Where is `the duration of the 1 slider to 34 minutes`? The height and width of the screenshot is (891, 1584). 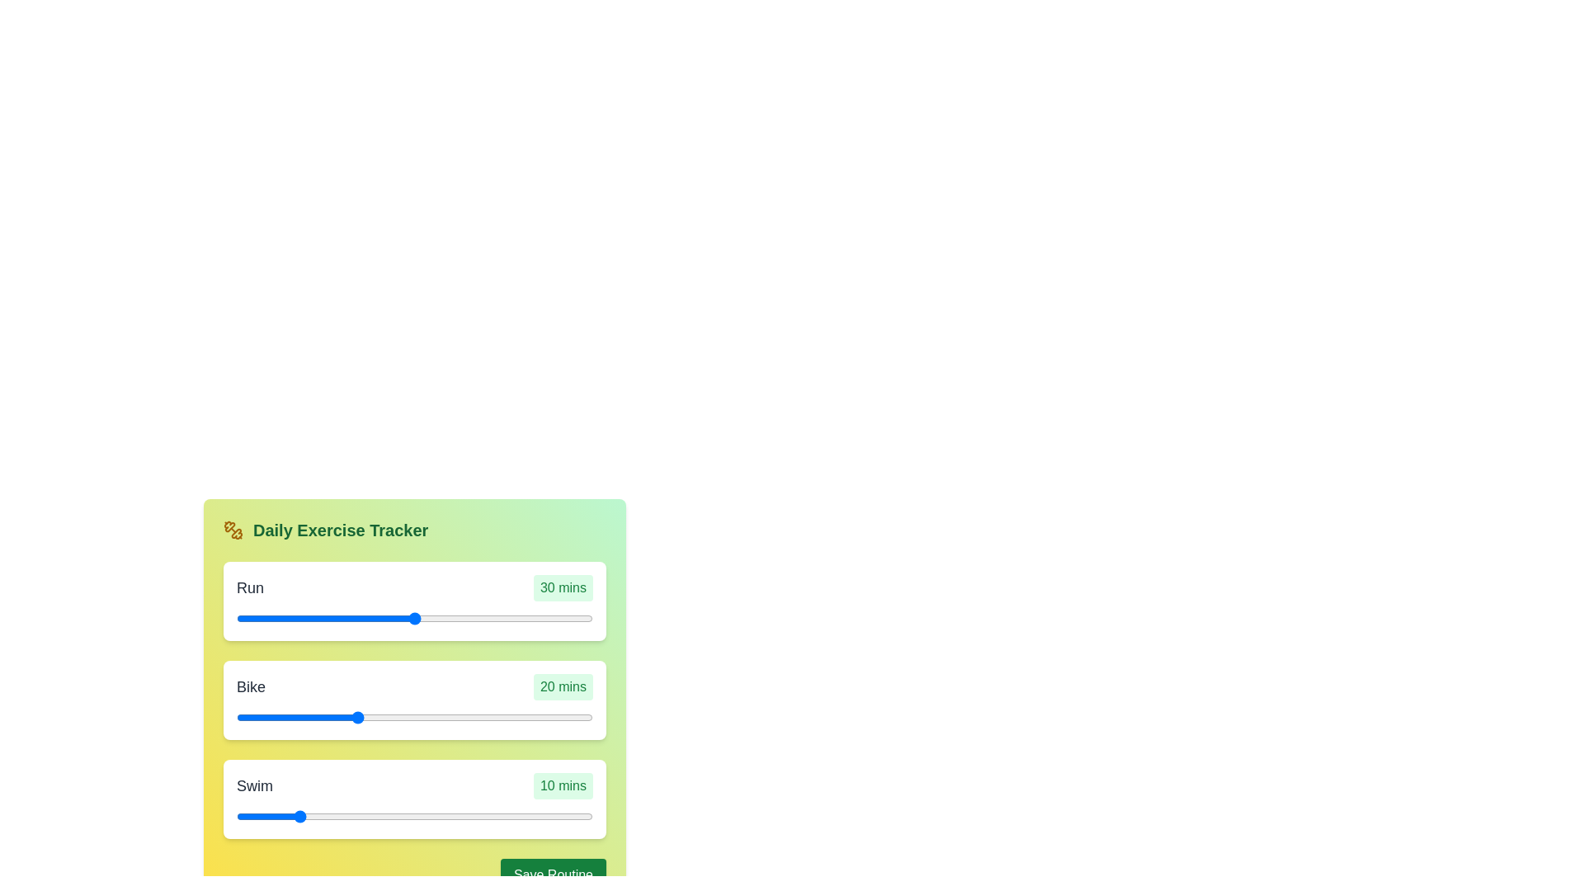 the duration of the 1 slider to 34 minutes is located at coordinates (515, 717).